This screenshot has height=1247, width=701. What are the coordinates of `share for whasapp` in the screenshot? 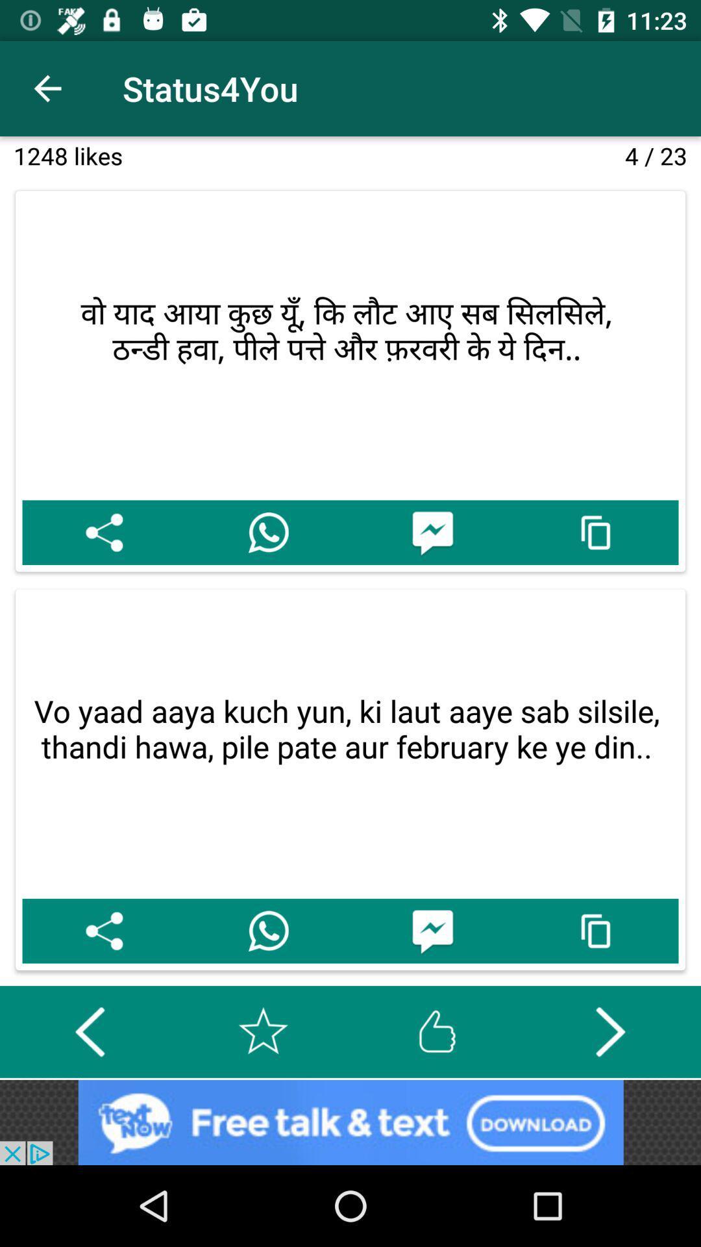 It's located at (267, 533).